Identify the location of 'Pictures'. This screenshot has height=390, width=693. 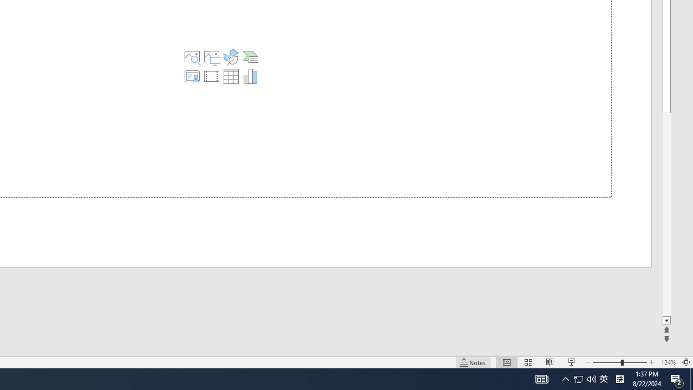
(212, 57).